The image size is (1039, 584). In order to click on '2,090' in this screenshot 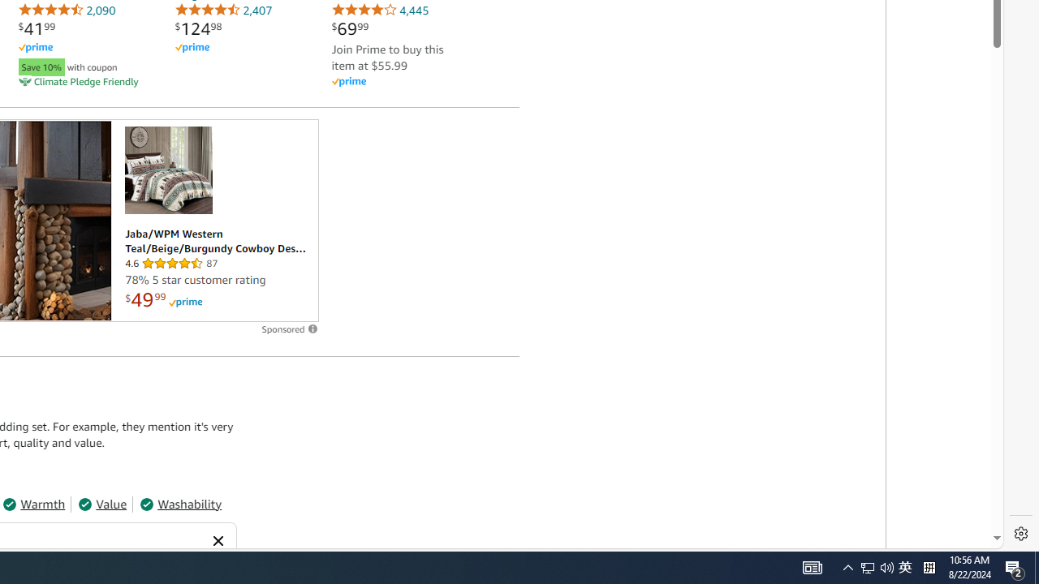, I will do `click(66, 10)`.